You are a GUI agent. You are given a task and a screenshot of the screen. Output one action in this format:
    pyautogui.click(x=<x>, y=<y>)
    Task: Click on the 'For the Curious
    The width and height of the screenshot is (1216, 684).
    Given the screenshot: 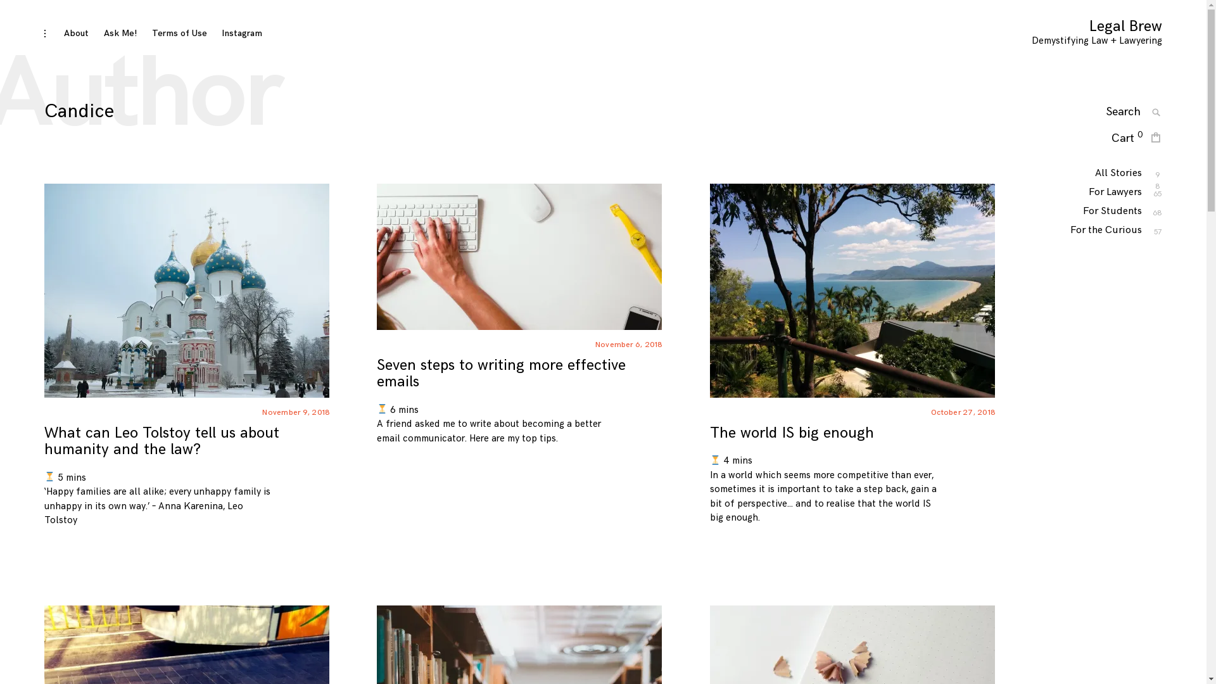 What is the action you would take?
    pyautogui.click(x=1105, y=230)
    